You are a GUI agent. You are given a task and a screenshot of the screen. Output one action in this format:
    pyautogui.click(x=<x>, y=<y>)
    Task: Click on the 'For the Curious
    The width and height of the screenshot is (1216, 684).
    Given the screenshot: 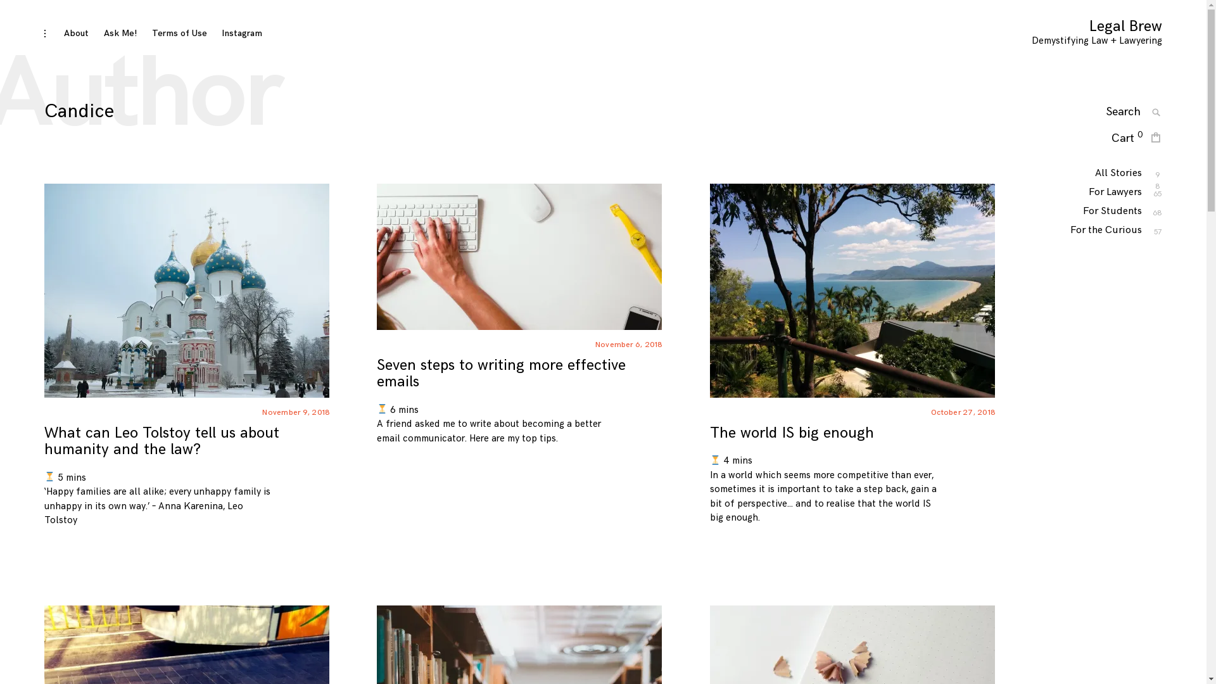 What is the action you would take?
    pyautogui.click(x=1105, y=230)
    